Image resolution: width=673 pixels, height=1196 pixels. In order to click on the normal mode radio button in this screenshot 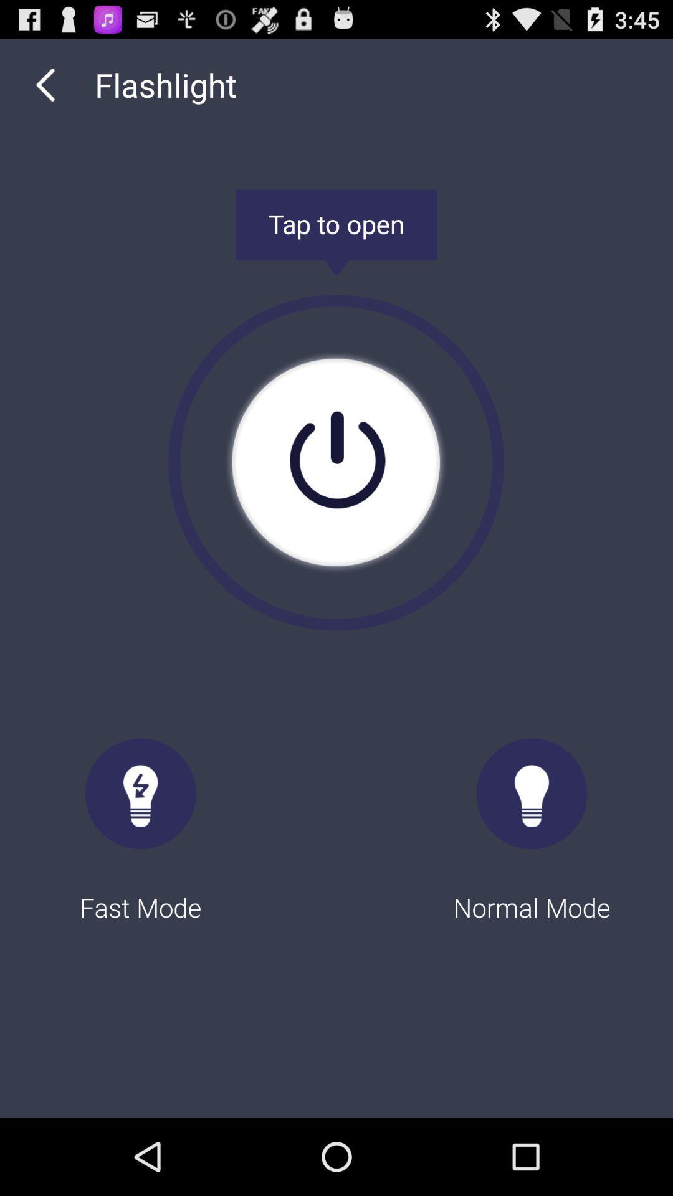, I will do `click(532, 819)`.